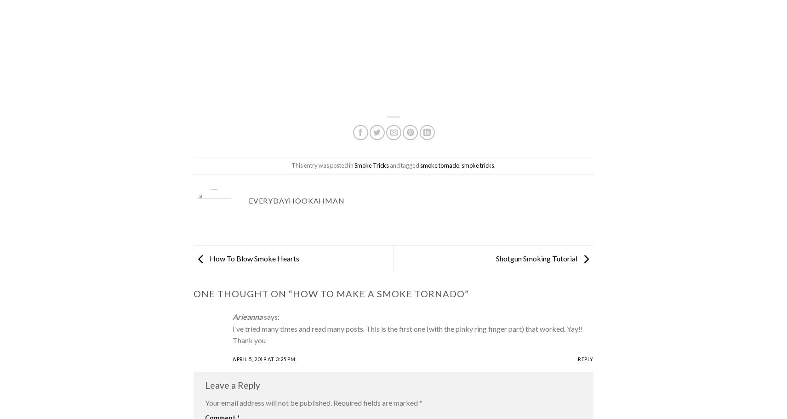  What do you see at coordinates (271, 316) in the screenshot?
I see `'says:'` at bounding box center [271, 316].